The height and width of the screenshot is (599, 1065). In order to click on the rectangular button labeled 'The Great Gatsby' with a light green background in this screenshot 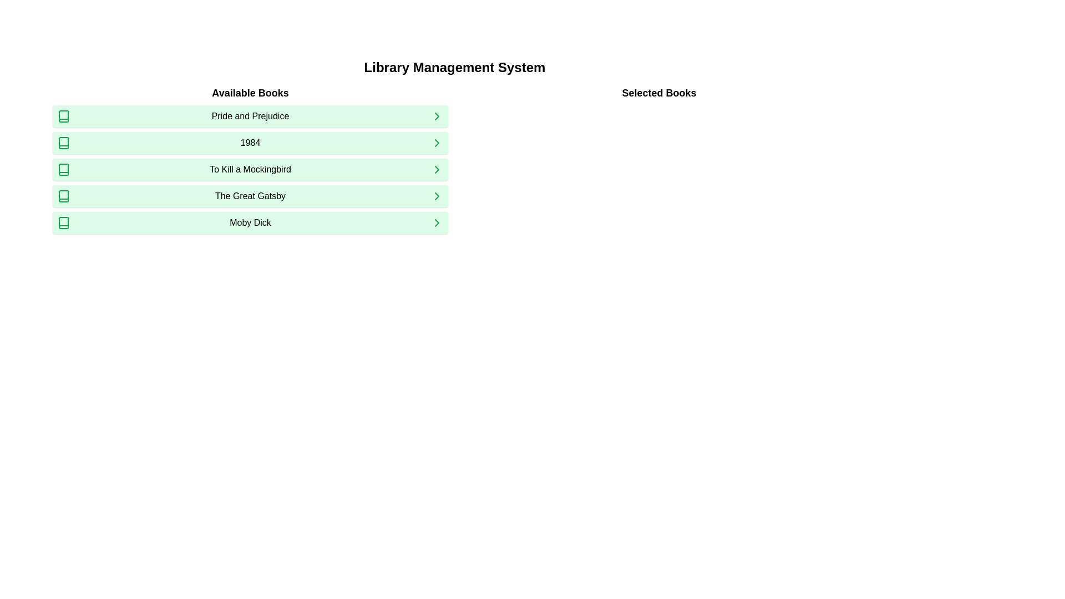, I will do `click(250, 196)`.